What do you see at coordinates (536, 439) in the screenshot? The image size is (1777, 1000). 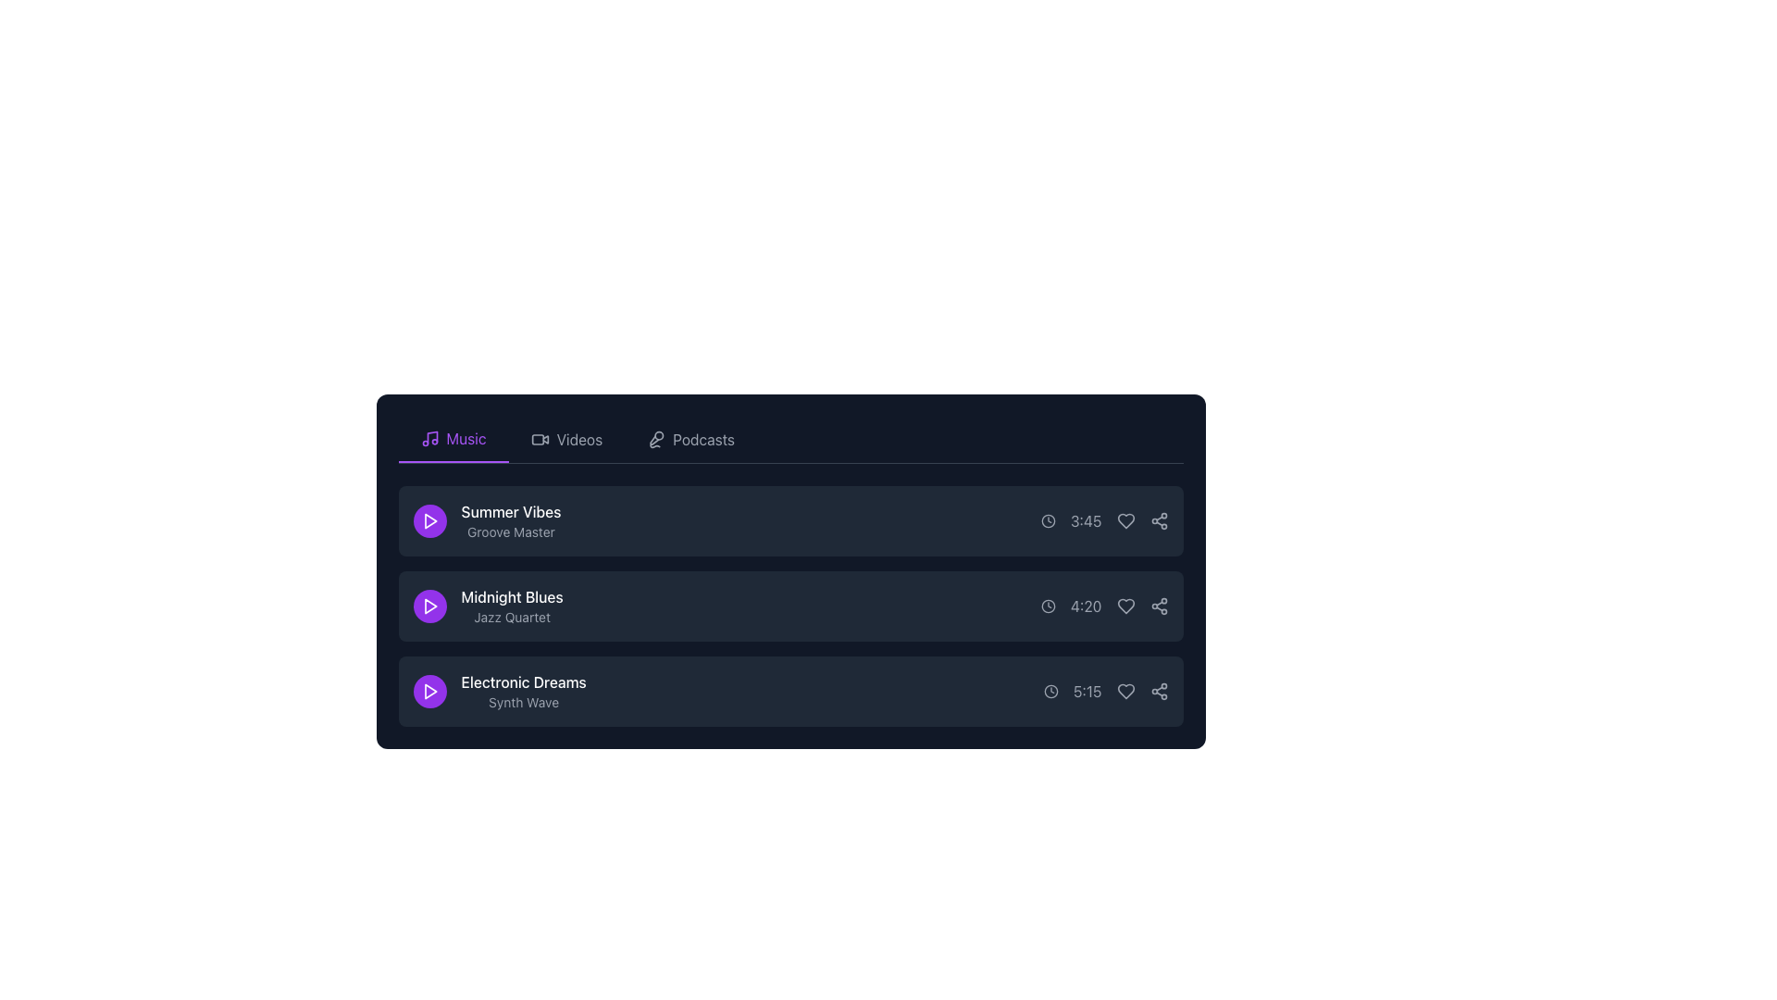 I see `the decorative rectangle with rounded corners located within the video camera icon in the navigation section` at bounding box center [536, 439].